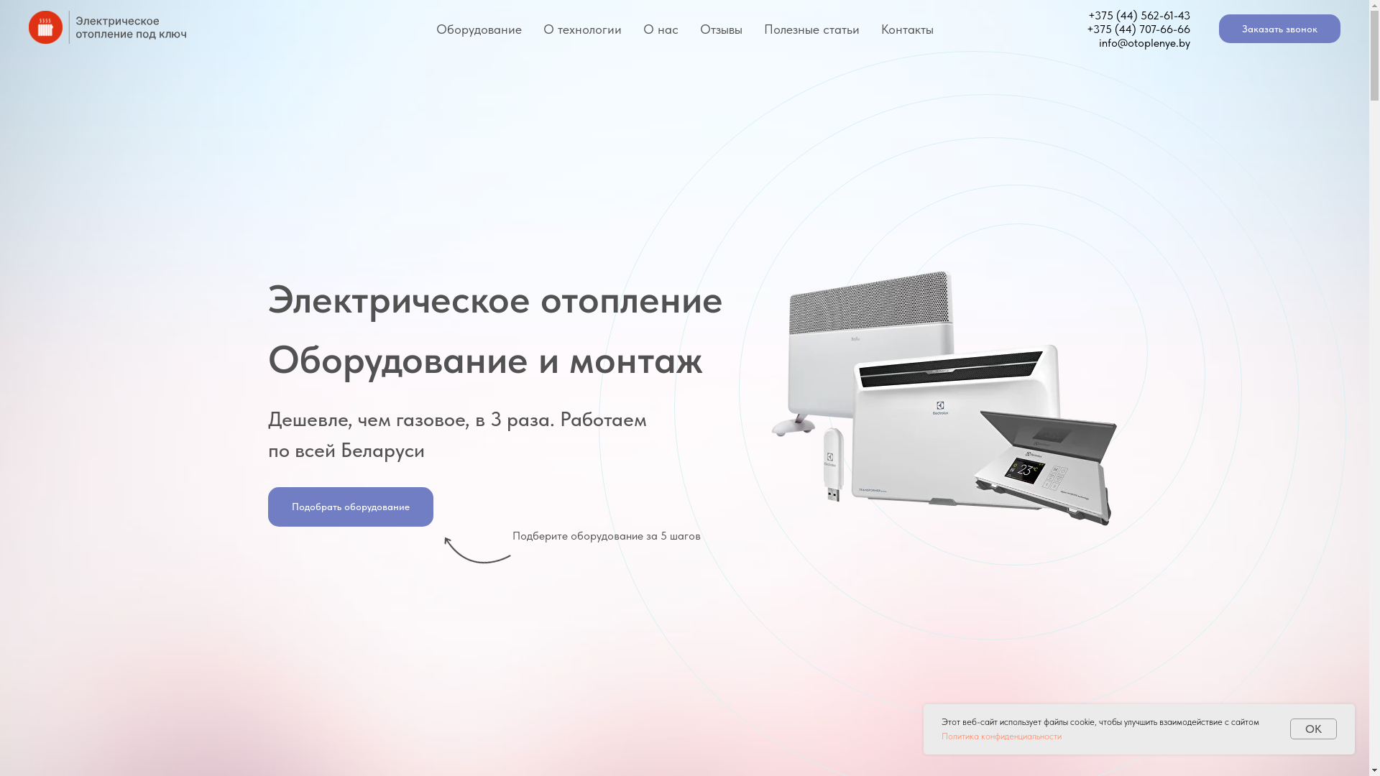 The width and height of the screenshot is (1380, 776). Describe the element at coordinates (1098, 42) in the screenshot. I see `'info@otoplenye.by'` at that location.